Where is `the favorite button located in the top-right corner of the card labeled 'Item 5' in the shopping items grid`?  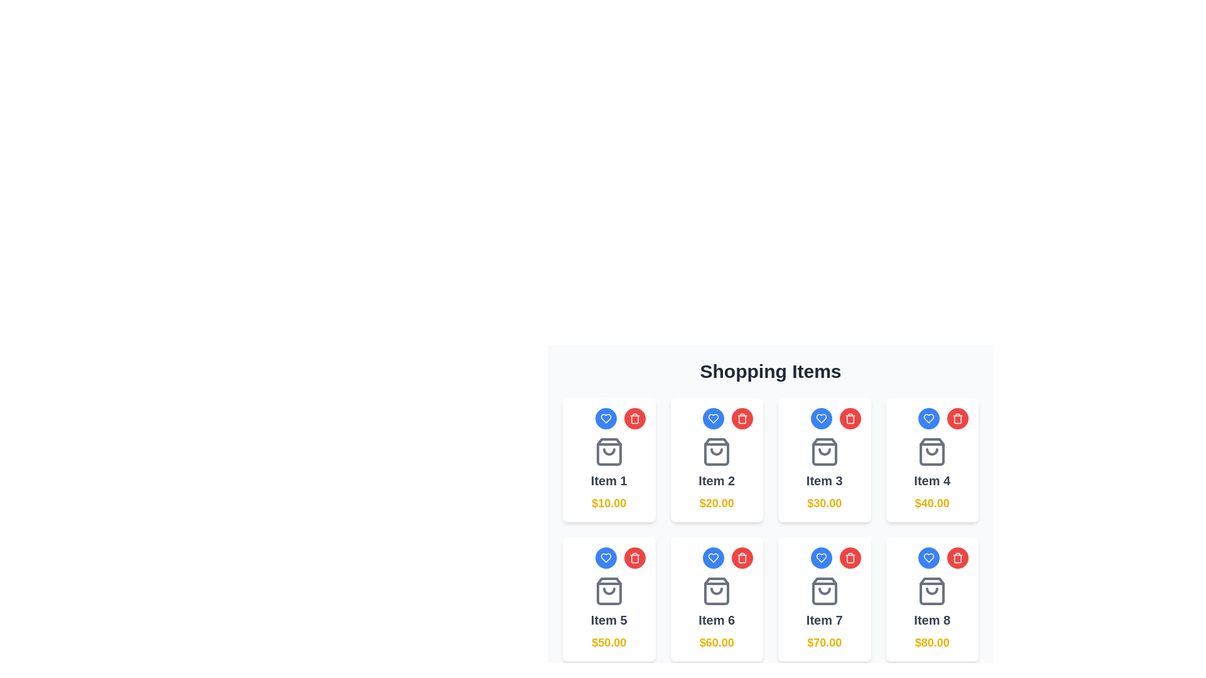 the favorite button located in the top-right corner of the card labeled 'Item 5' in the shopping items grid is located at coordinates (606, 557).